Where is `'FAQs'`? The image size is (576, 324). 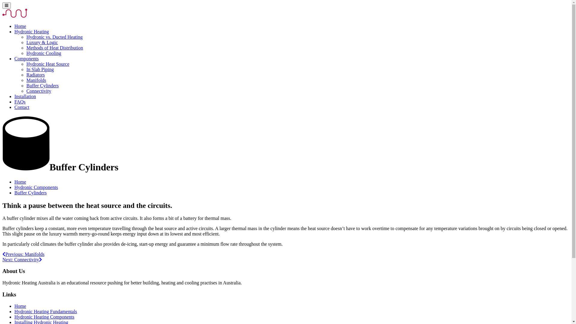
'FAQs' is located at coordinates (20, 101).